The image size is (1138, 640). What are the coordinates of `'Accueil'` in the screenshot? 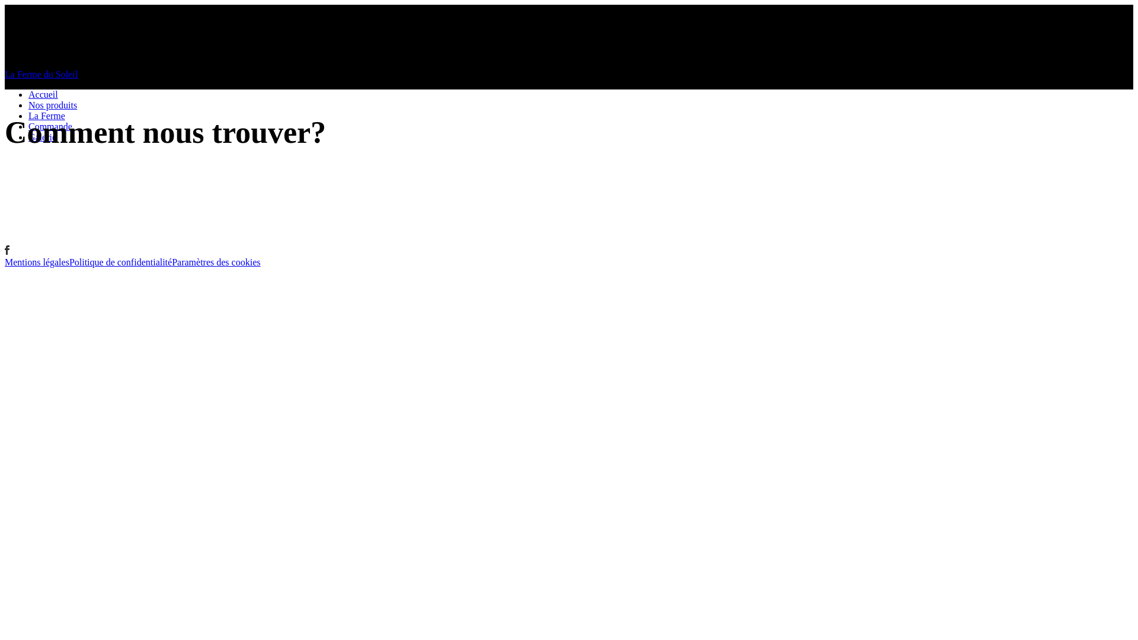 It's located at (28, 94).